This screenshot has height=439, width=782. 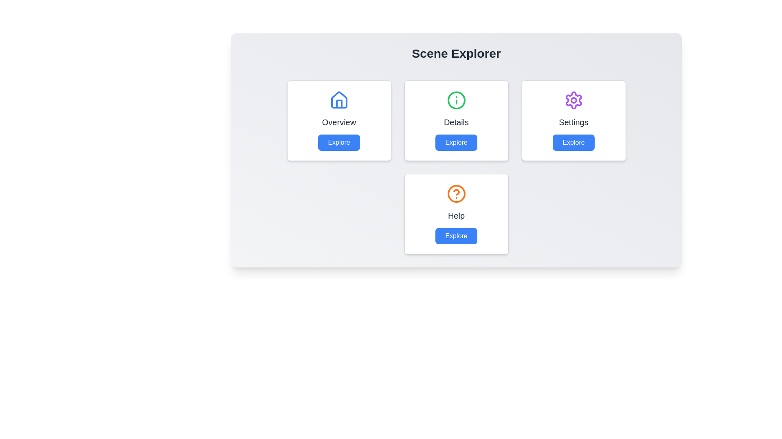 I want to click on the blue button with rounded corners that has the white text 'Explore', located at the bottom of the 'Help' section within its card, so click(x=456, y=236).